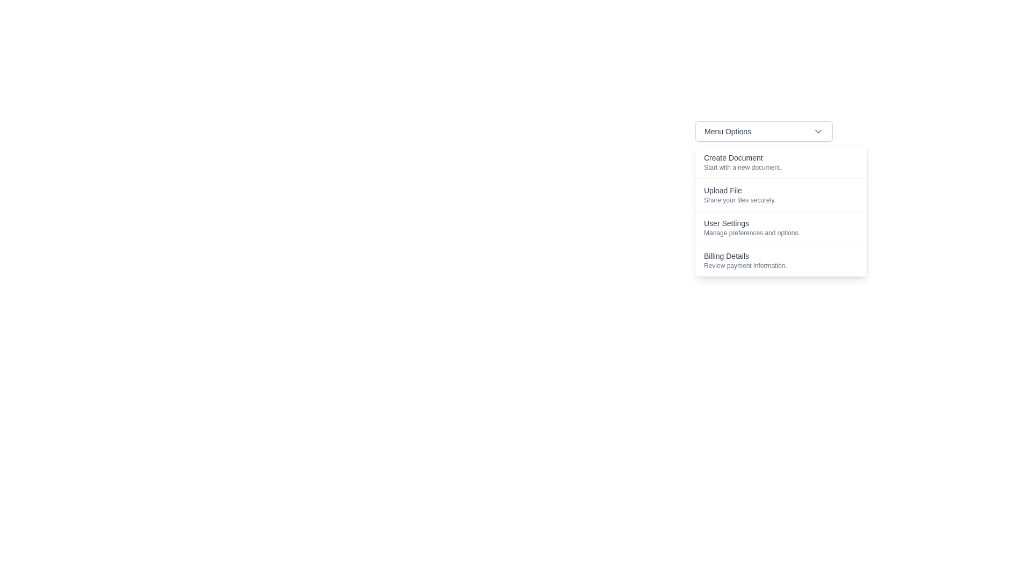 This screenshot has width=1031, height=580. Describe the element at coordinates (781, 211) in the screenshot. I see `the second item in the dropdown menu, which is styled with a white background, soft shadows, and rounded corners, positioned between 'Create Document' and 'User Settings'` at that location.